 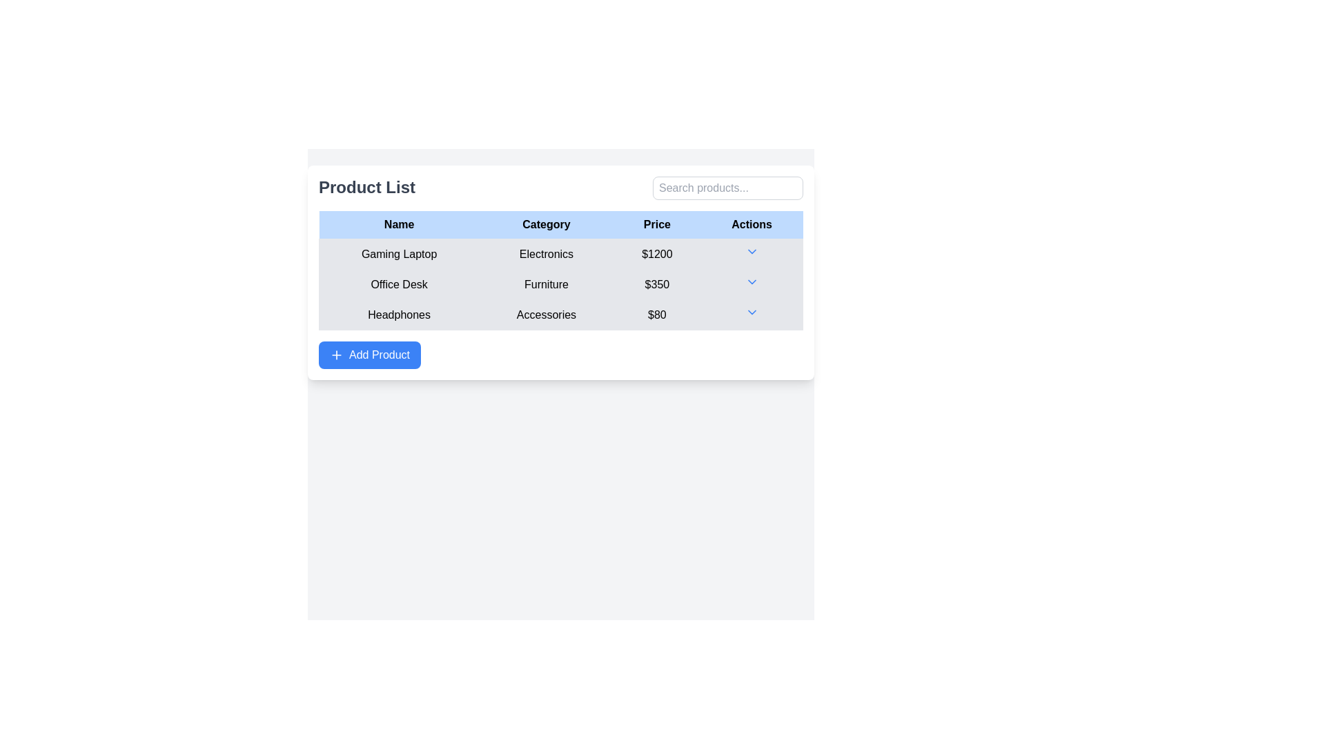 What do you see at coordinates (751, 281) in the screenshot?
I see `the downward-pointing chevron icon in the 'Actions' column of the second row in the product details table` at bounding box center [751, 281].